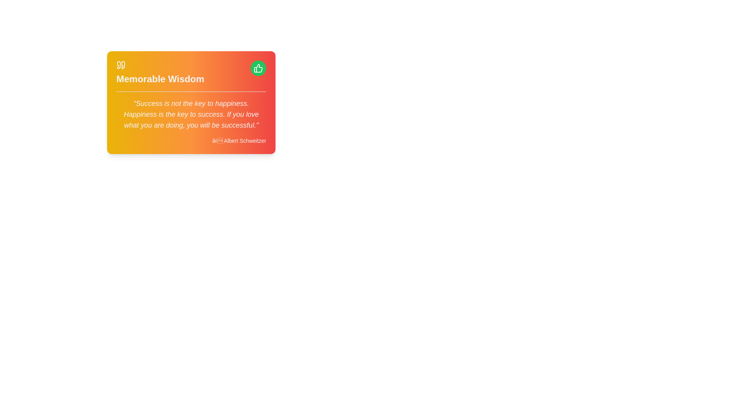  What do you see at coordinates (191, 76) in the screenshot?
I see `text content of the Header text located at the top of the card layout, which summarizes the theme or purpose of the card` at bounding box center [191, 76].